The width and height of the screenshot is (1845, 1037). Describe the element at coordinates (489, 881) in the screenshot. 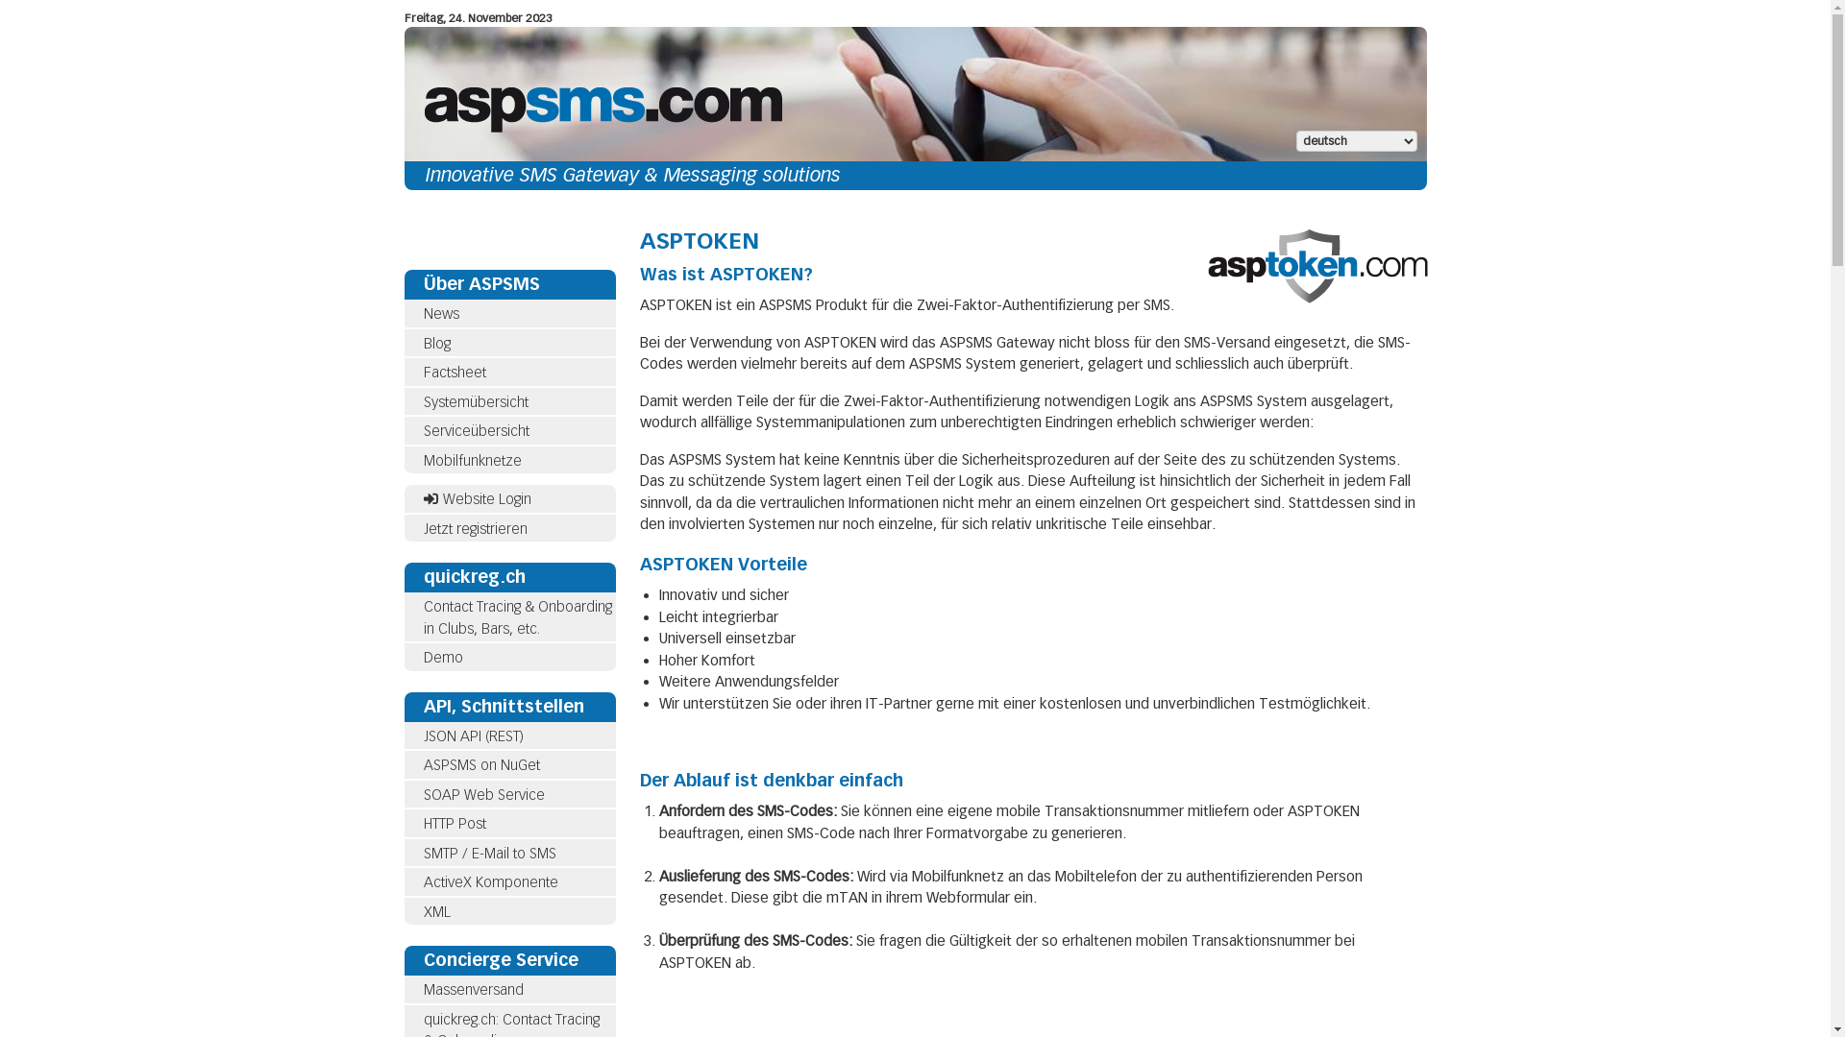

I see `'ActiveX Komponente'` at that location.